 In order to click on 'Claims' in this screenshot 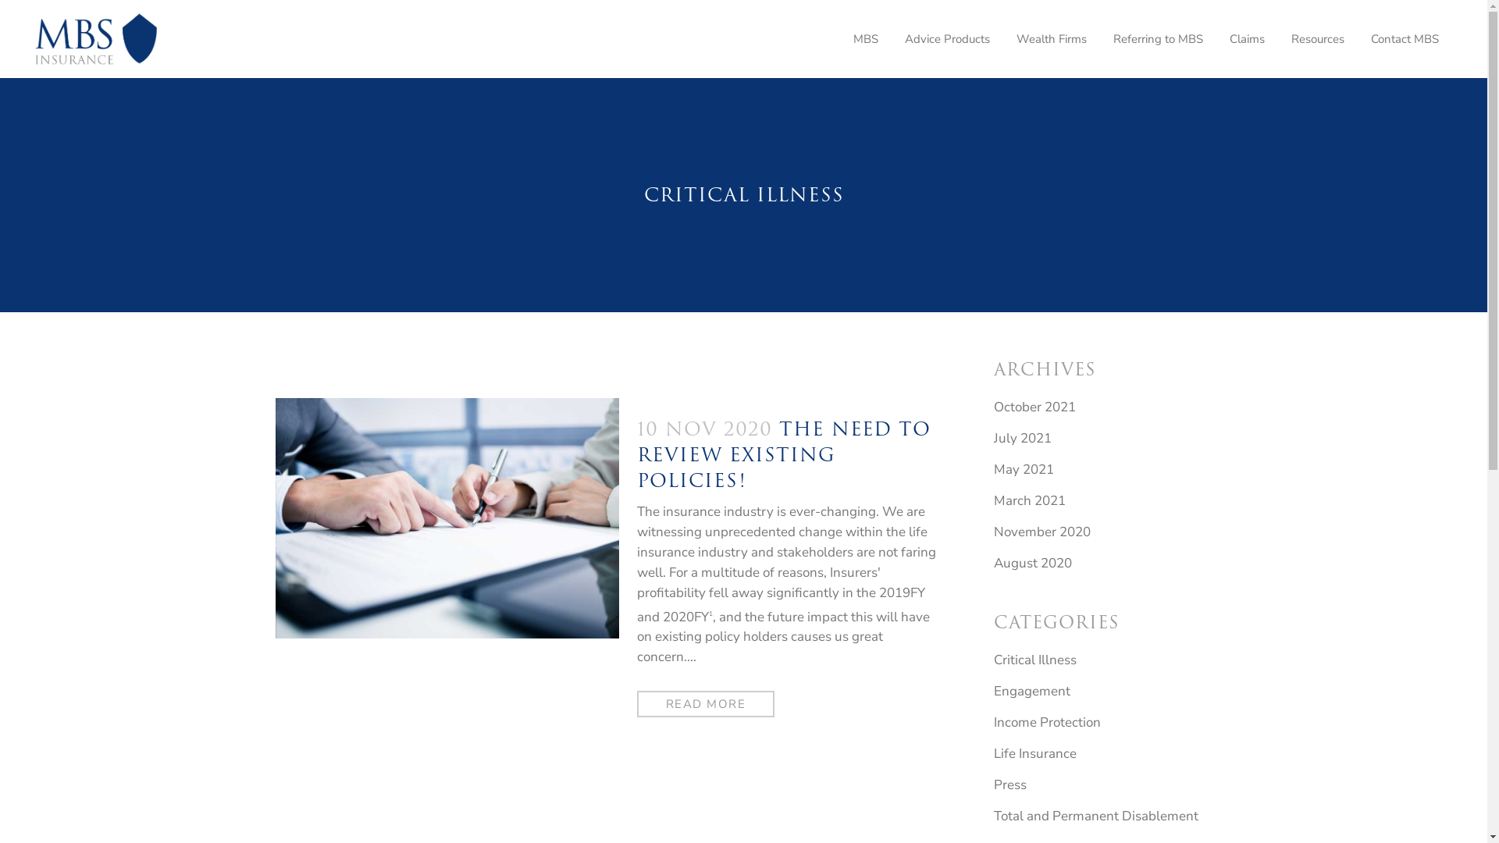, I will do `click(1216, 38)`.